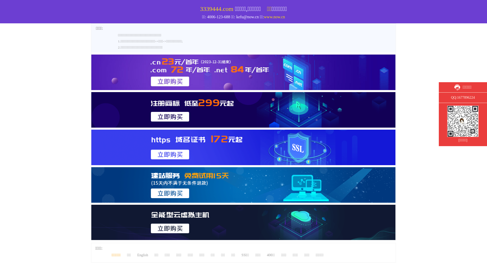  Describe the element at coordinates (274, 16) in the screenshot. I see `'www.now.cn'` at that location.